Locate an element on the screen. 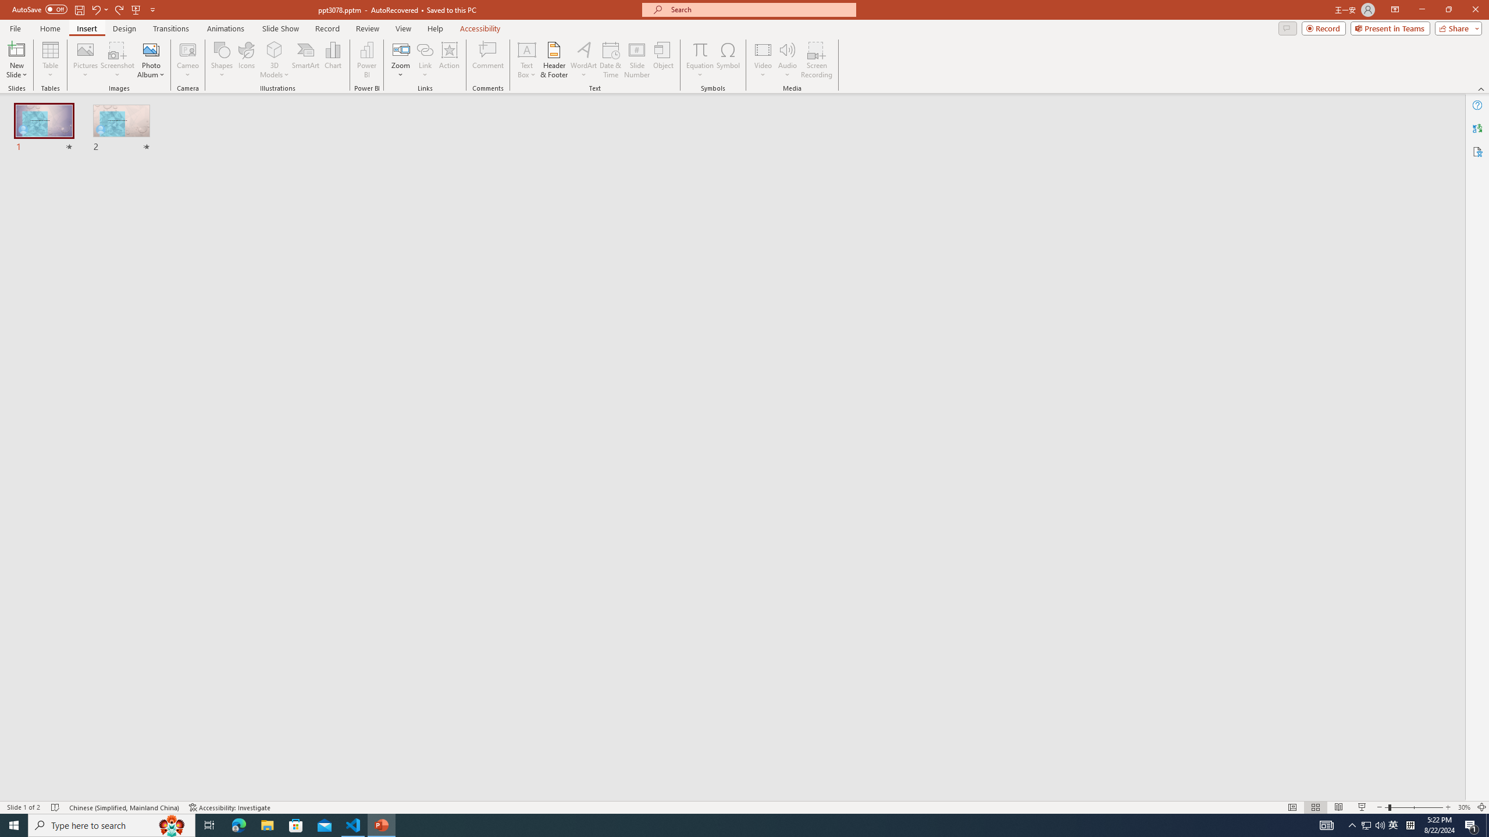 Image resolution: width=1489 pixels, height=837 pixels. 'New Photo Album...' is located at coordinates (150, 49).